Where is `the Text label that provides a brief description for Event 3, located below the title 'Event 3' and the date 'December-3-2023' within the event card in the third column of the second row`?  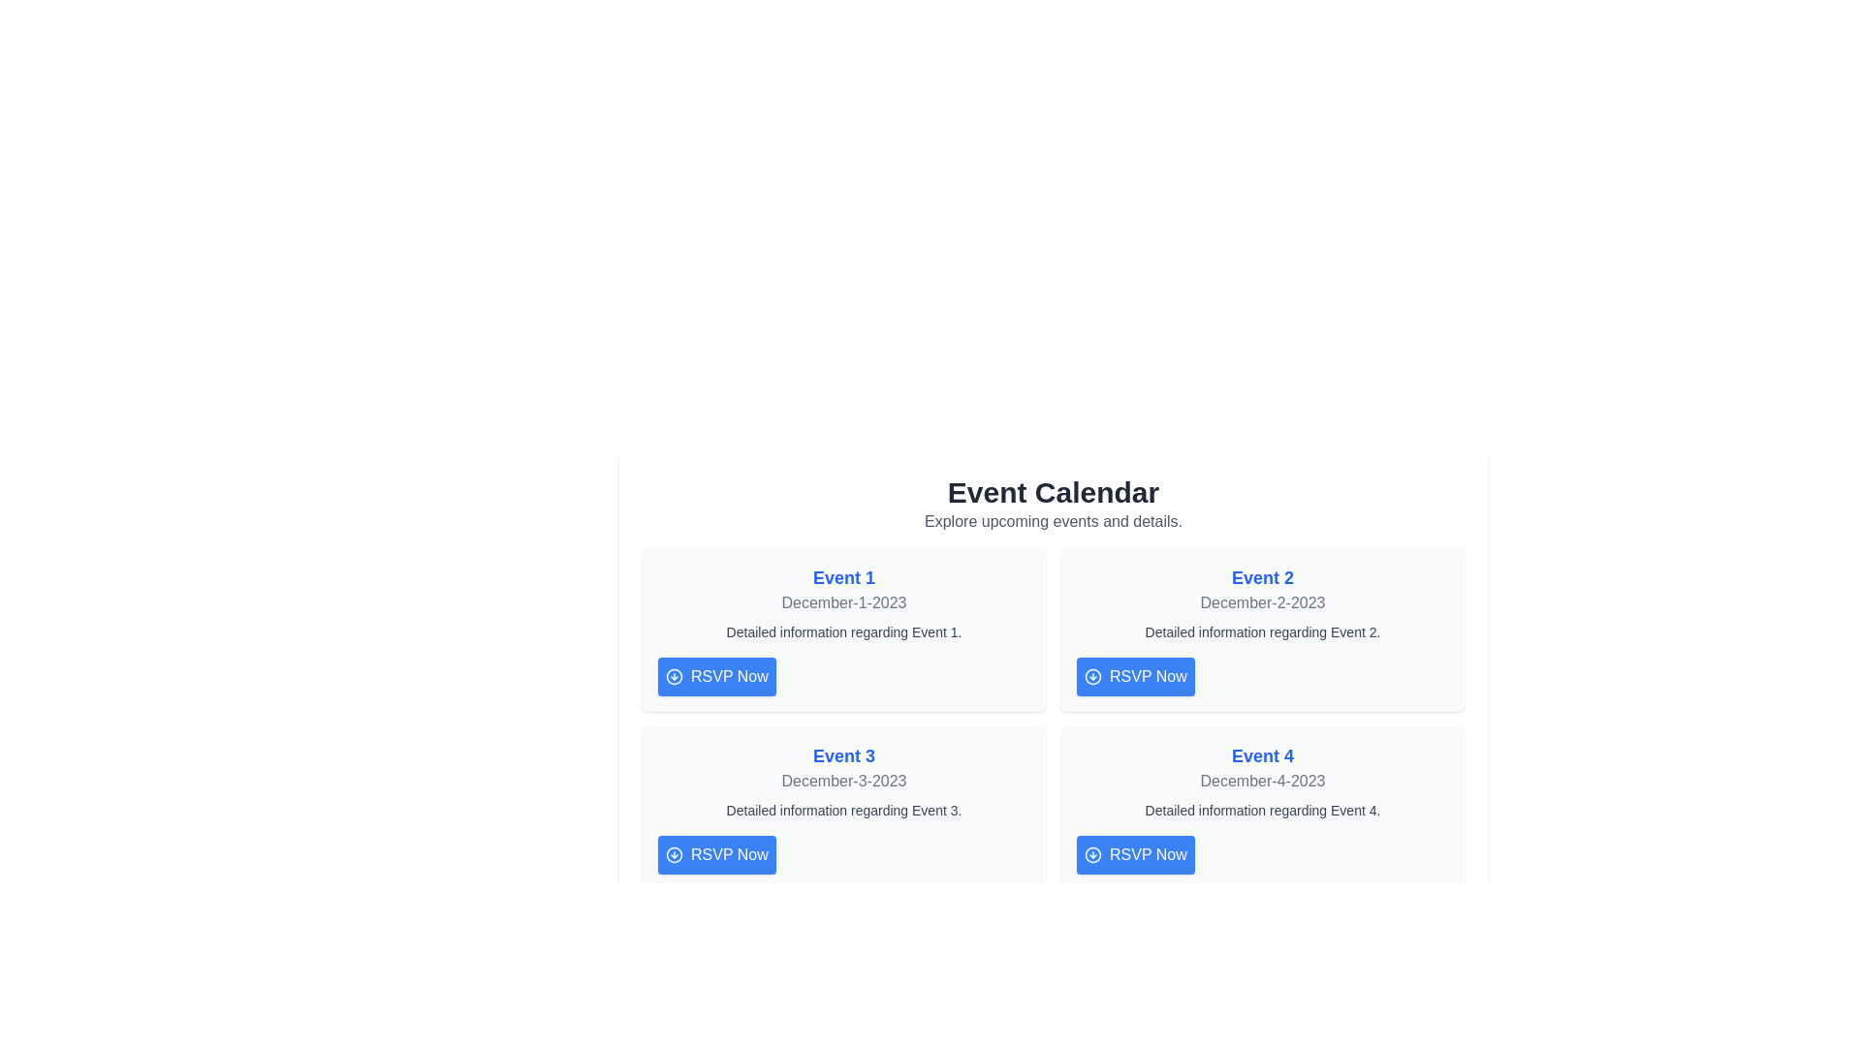
the Text label that provides a brief description for Event 3, located below the title 'Event 3' and the date 'December-3-2023' within the event card in the third column of the second row is located at coordinates (843, 811).